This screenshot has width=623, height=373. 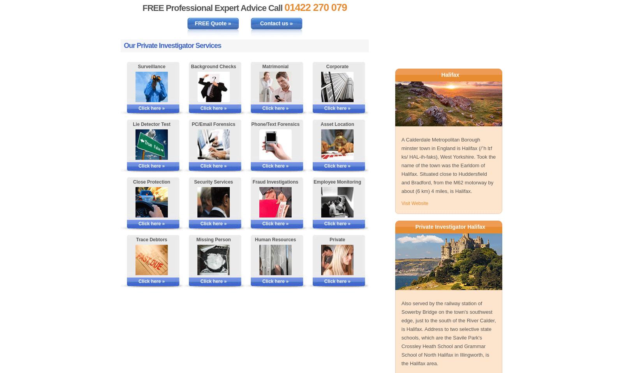 I want to click on 'Lie Detector Test', so click(x=132, y=124).